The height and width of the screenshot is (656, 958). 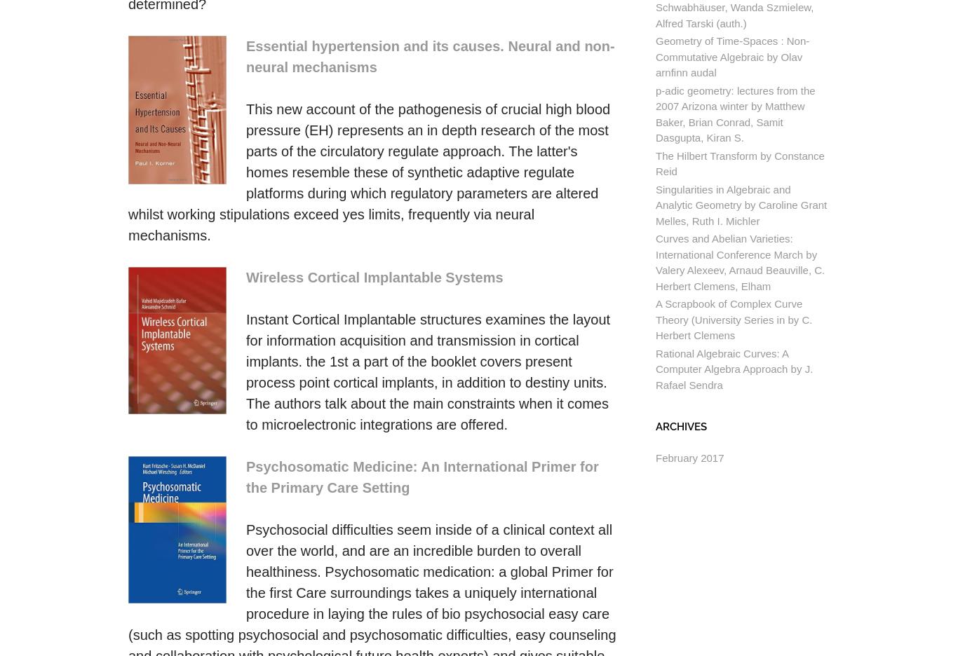 I want to click on 'p-adic geometry: lectures from the 2007 Arizona winter by Matthew Baker, Brian Conrad, Samit Dasgupta, Kiran S.', so click(x=734, y=113).